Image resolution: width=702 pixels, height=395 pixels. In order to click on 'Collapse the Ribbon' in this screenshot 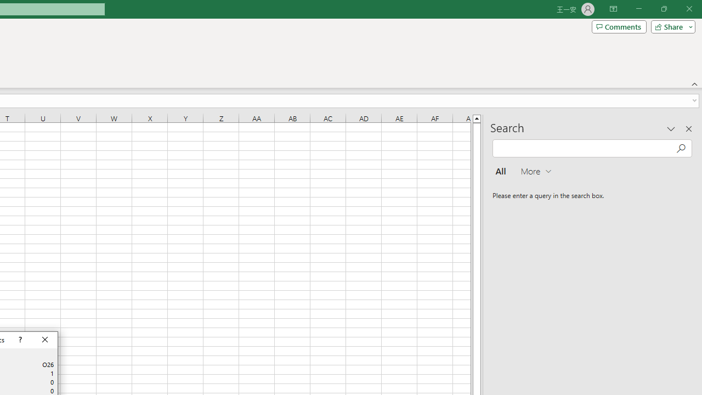, I will do `click(694, 83)`.